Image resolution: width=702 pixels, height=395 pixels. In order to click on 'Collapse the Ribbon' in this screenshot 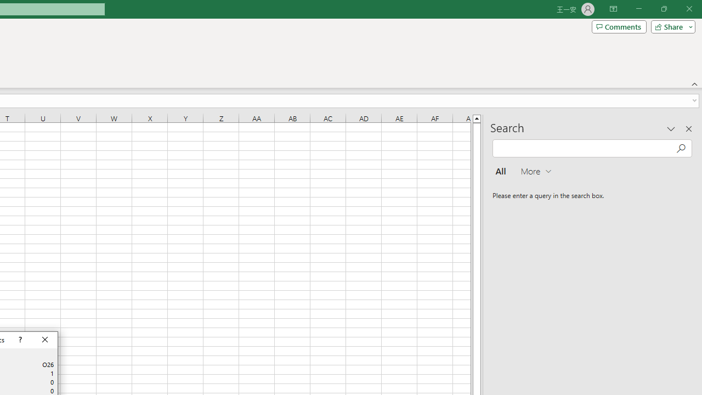, I will do `click(694, 83)`.